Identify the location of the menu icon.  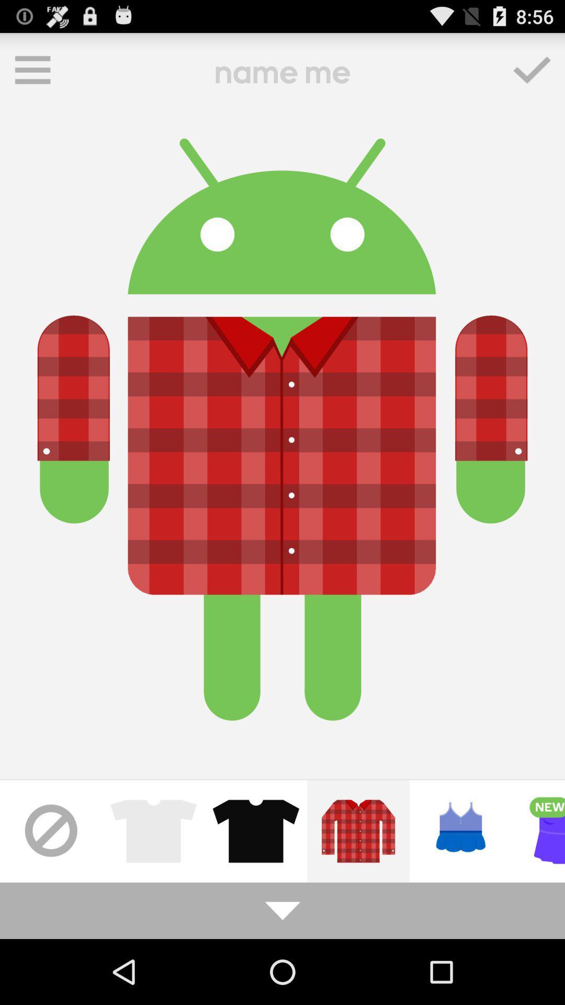
(32, 74).